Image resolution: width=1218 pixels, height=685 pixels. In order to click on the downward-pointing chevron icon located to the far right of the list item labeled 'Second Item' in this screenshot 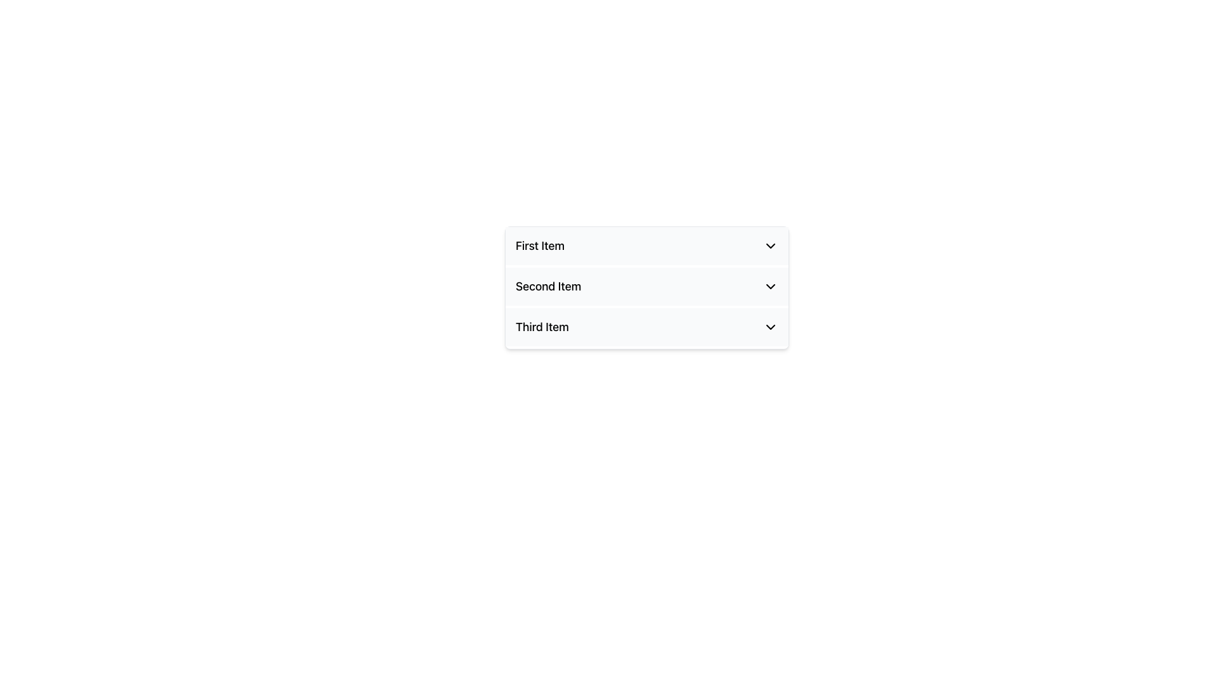, I will do `click(769, 286)`.